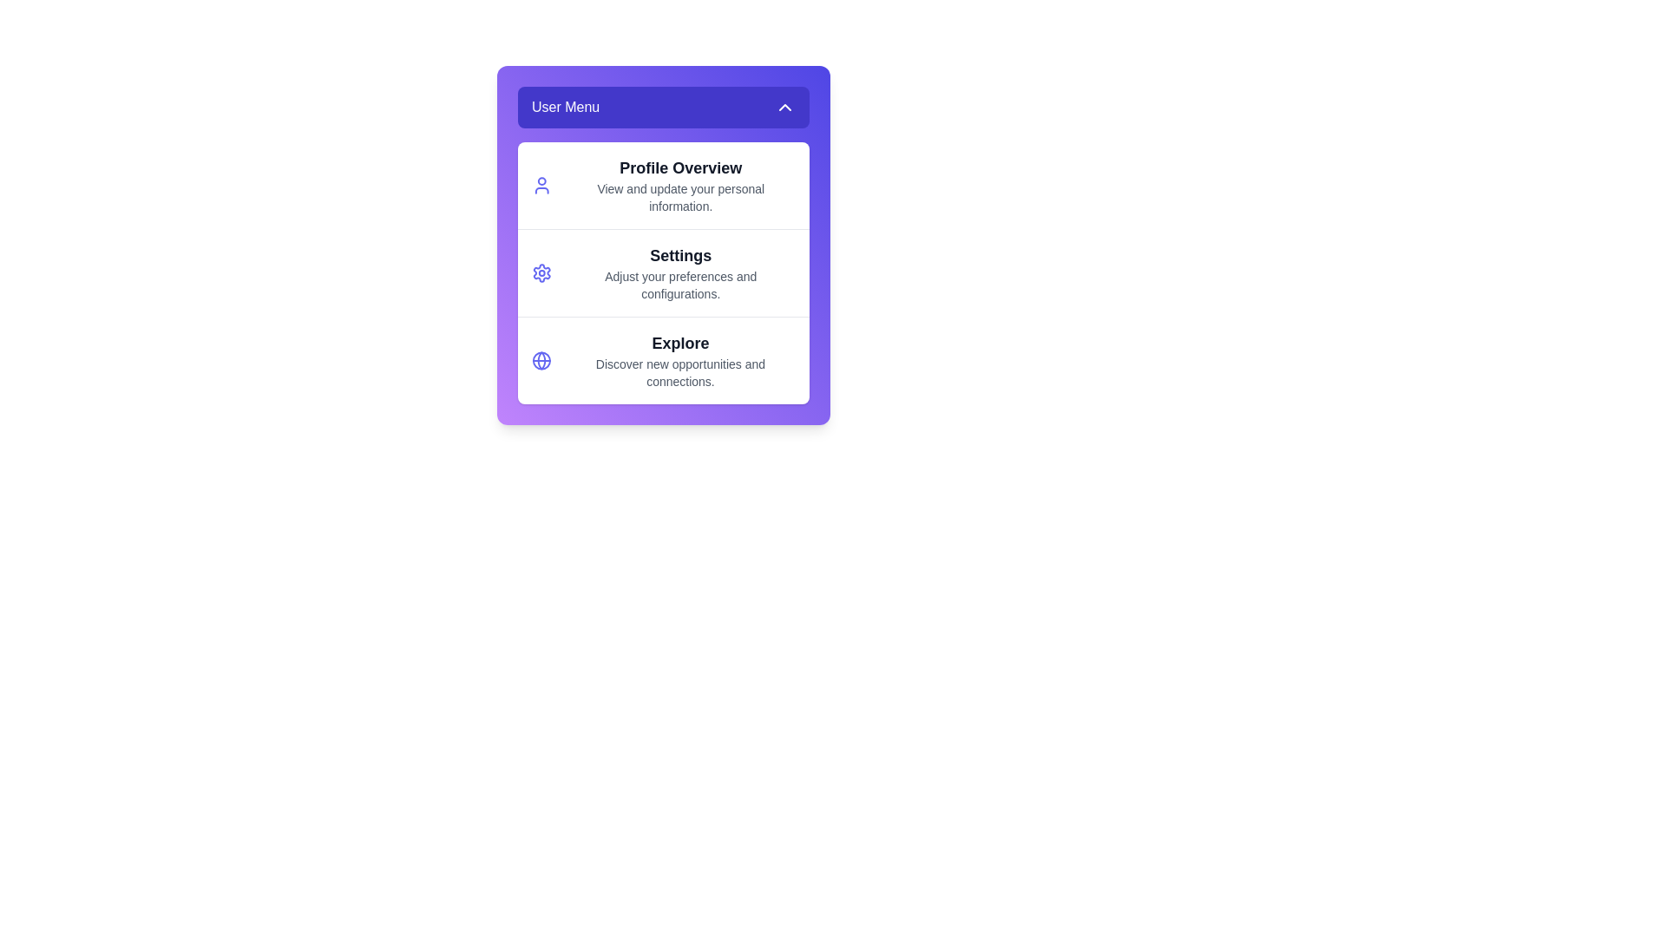 Image resolution: width=1666 pixels, height=937 pixels. Describe the element at coordinates (662, 272) in the screenshot. I see `the second list item with icon and text in the menu, located between 'Profile Overview' and 'Explore'` at that location.